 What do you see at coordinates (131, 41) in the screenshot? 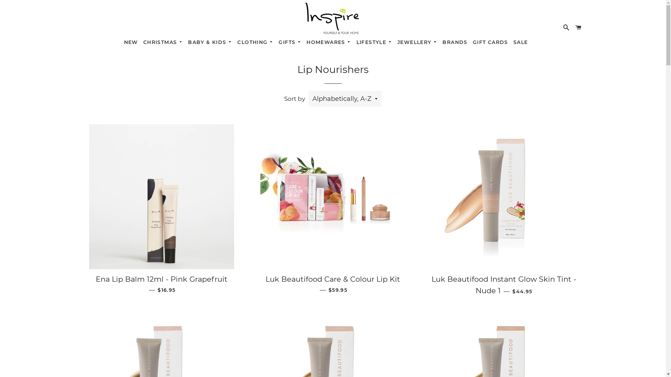
I see `'NEW'` at bounding box center [131, 41].